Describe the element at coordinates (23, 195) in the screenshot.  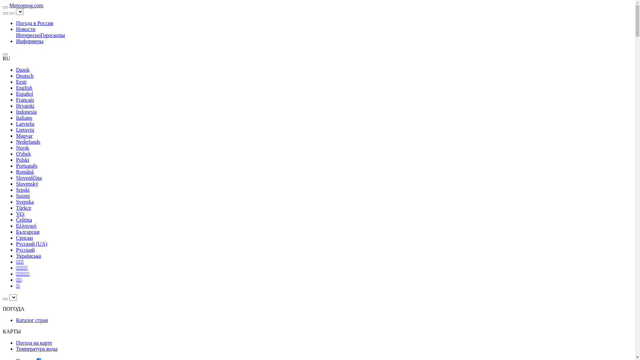
I see `'Suomi'` at that location.